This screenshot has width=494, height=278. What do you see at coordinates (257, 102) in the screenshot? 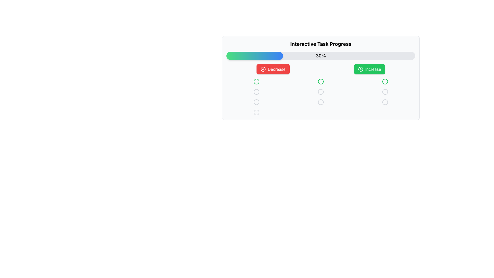
I see `the Circular SVG icon located in the first column of the third row in the grid, which may serve as a selection marker` at bounding box center [257, 102].